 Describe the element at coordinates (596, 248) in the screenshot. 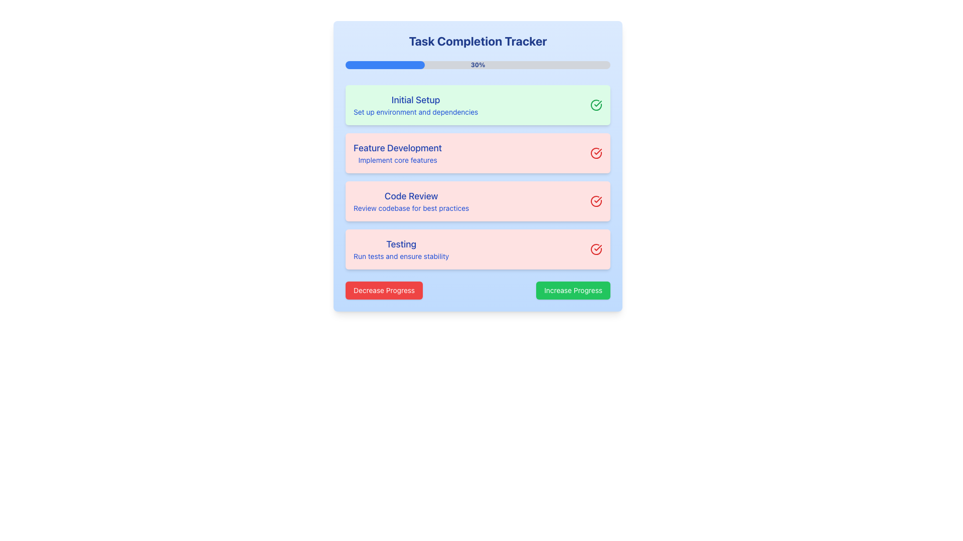

I see `the task completion status by clicking on the circular red icon with a checkmark located at the right end of the 'Testing' task card` at that location.